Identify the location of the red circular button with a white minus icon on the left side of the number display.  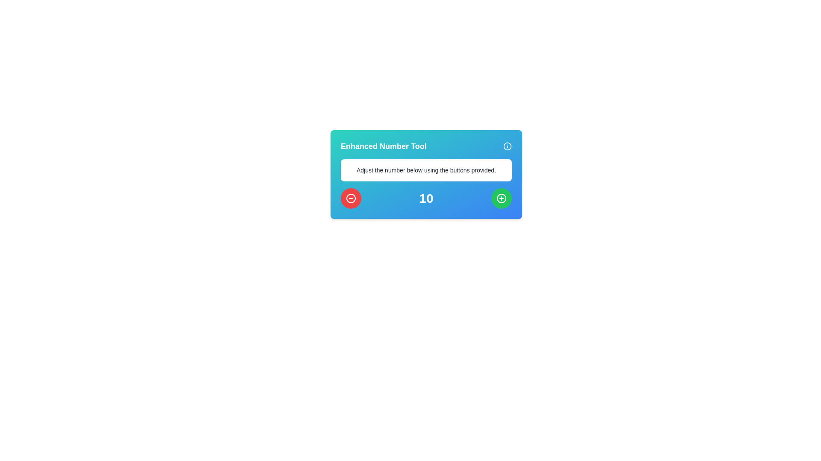
(351, 198).